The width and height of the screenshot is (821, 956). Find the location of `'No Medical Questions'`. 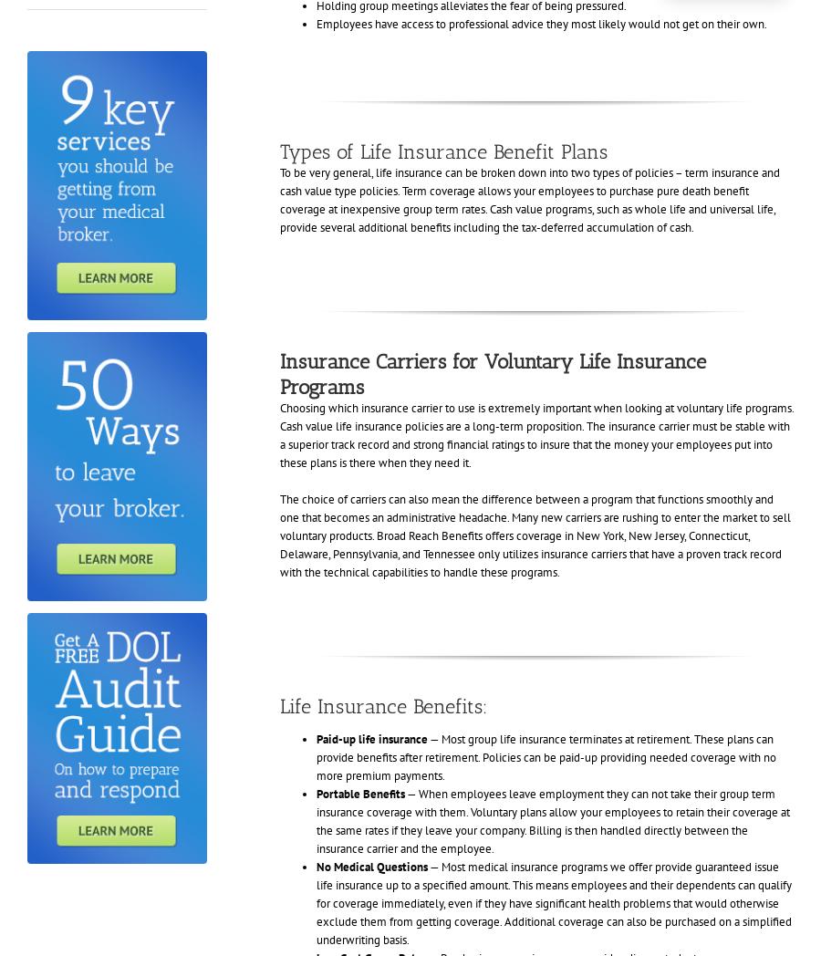

'No Medical Questions' is located at coordinates (370, 866).